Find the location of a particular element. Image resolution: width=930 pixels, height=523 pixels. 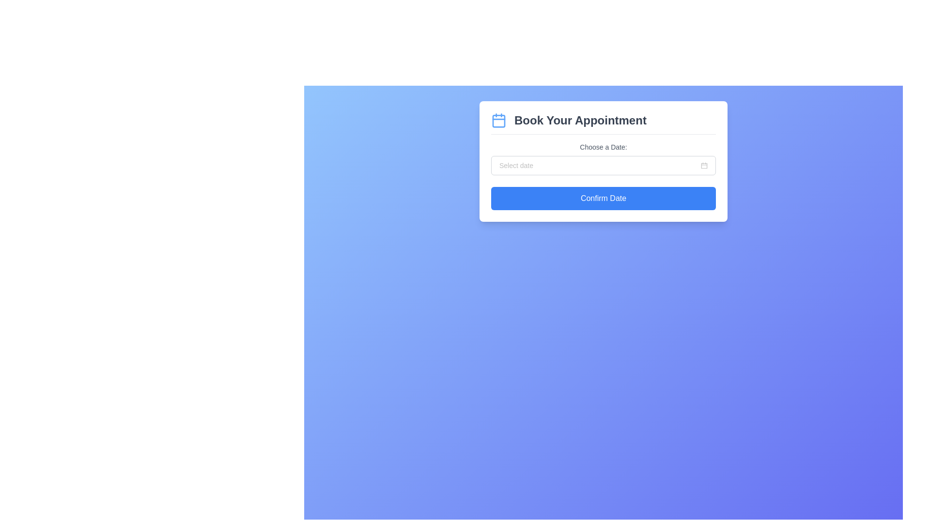

the calendar SVG icon located to the left of the 'Book Your Appointment' text is located at coordinates (499, 120).